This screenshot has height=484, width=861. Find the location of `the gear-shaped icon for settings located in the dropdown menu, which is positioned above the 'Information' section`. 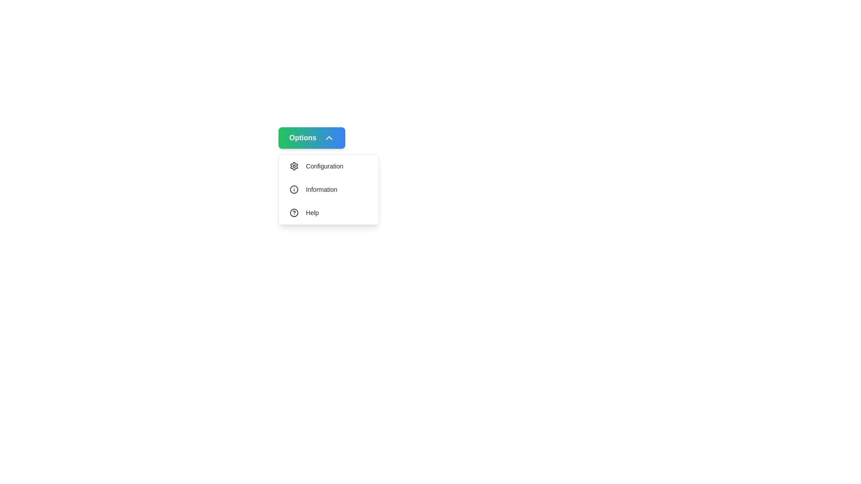

the gear-shaped icon for settings located in the dropdown menu, which is positioned above the 'Information' section is located at coordinates (294, 166).